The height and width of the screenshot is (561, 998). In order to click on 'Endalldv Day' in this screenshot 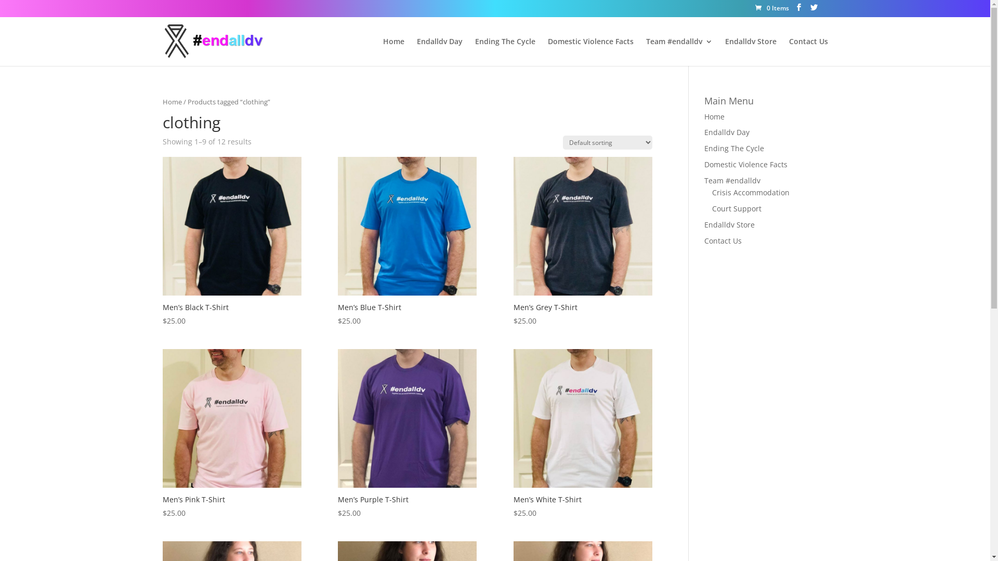, I will do `click(726, 131)`.